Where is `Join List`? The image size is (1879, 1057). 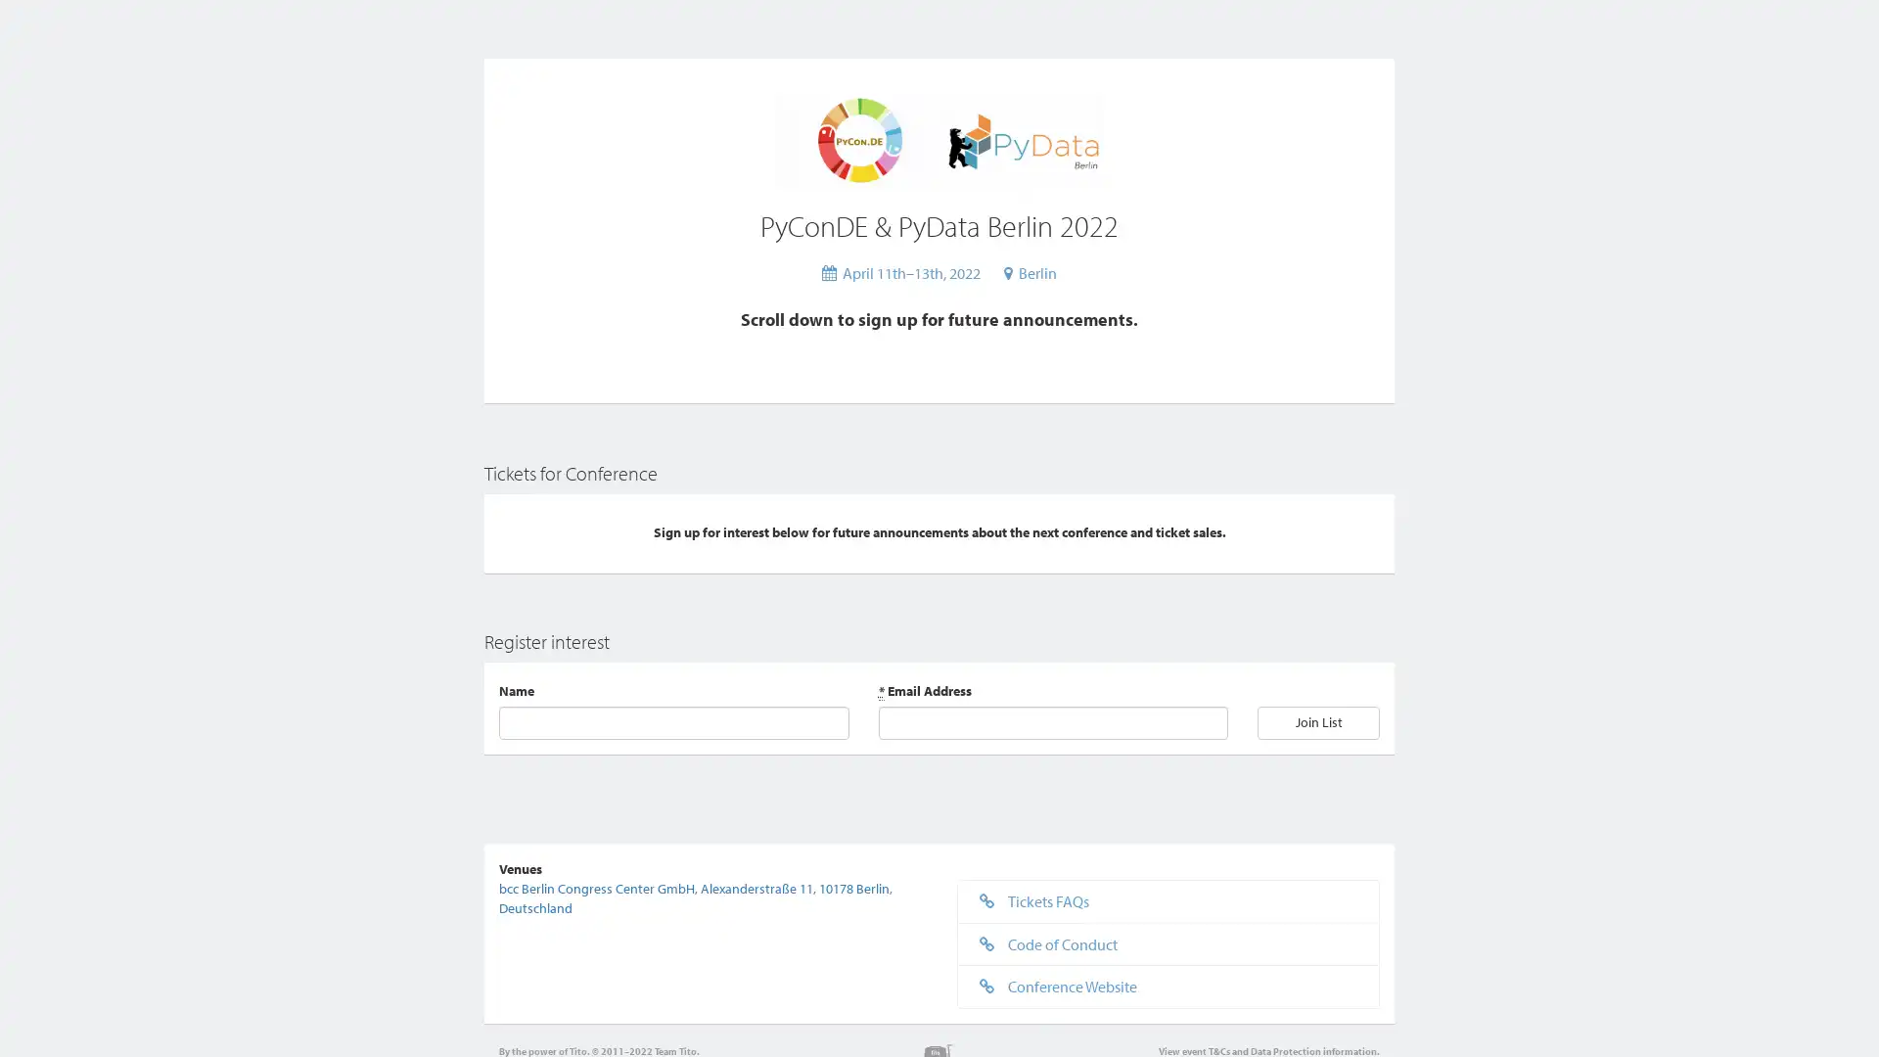
Join List is located at coordinates (1318, 721).